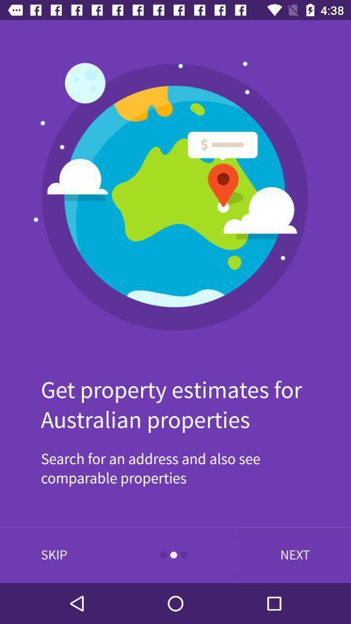 The image size is (351, 624). What do you see at coordinates (53, 554) in the screenshot?
I see `the item below search for an item` at bounding box center [53, 554].